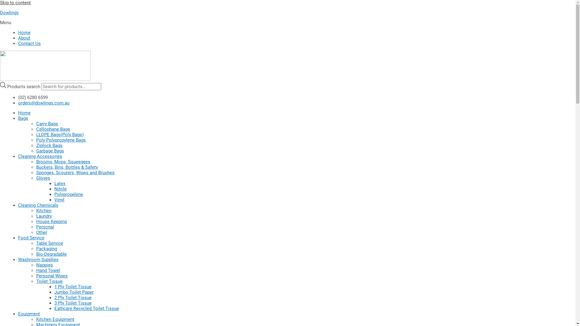  Describe the element at coordinates (59, 200) in the screenshot. I see `'Vinyl'` at that location.